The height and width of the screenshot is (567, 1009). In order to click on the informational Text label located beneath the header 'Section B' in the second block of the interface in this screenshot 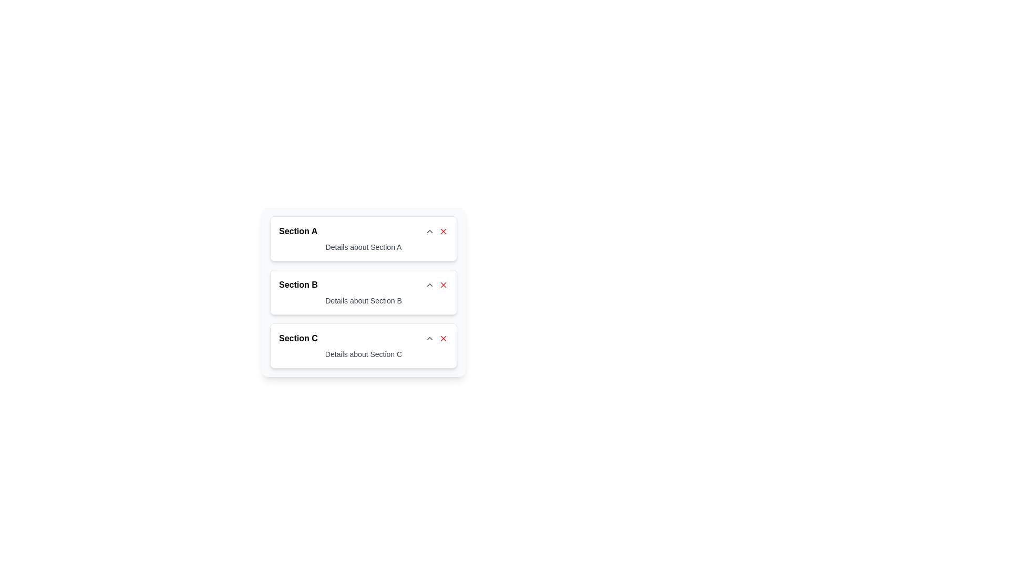, I will do `click(363, 301)`.